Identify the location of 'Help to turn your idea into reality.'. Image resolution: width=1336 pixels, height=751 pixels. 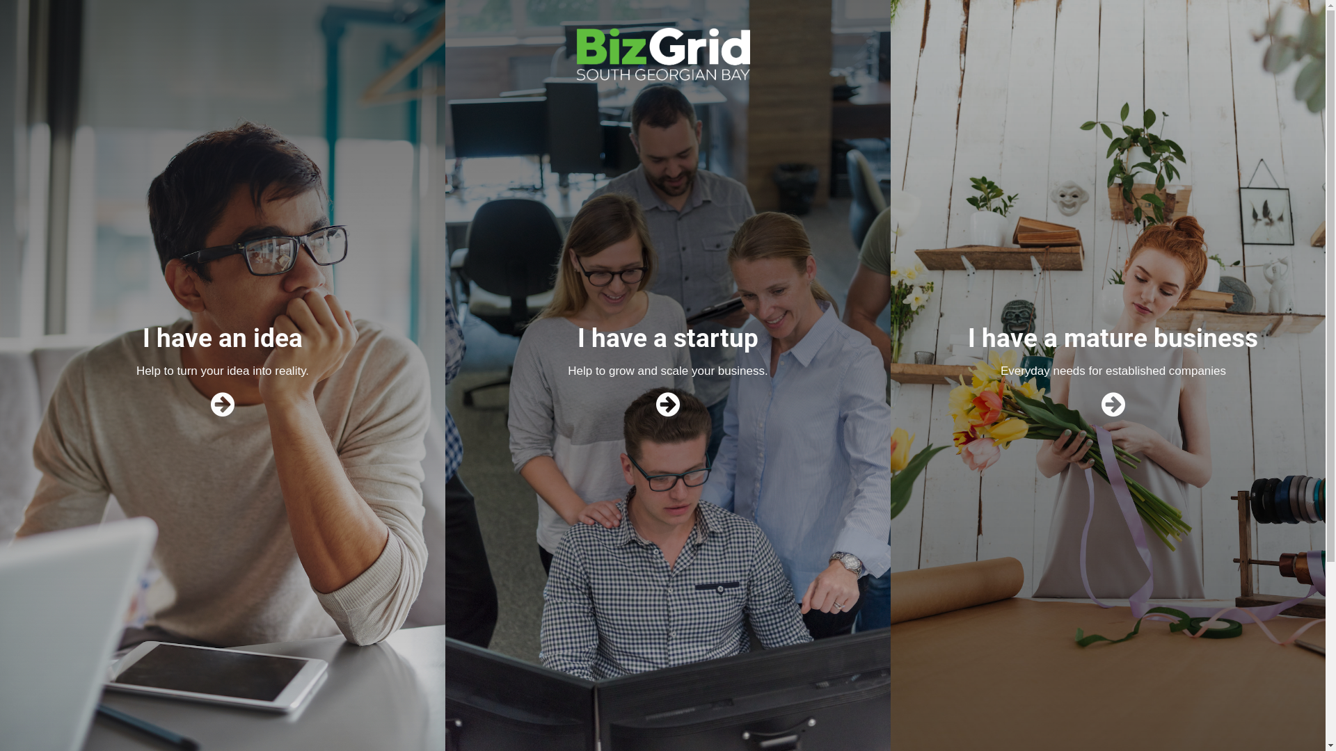
(223, 370).